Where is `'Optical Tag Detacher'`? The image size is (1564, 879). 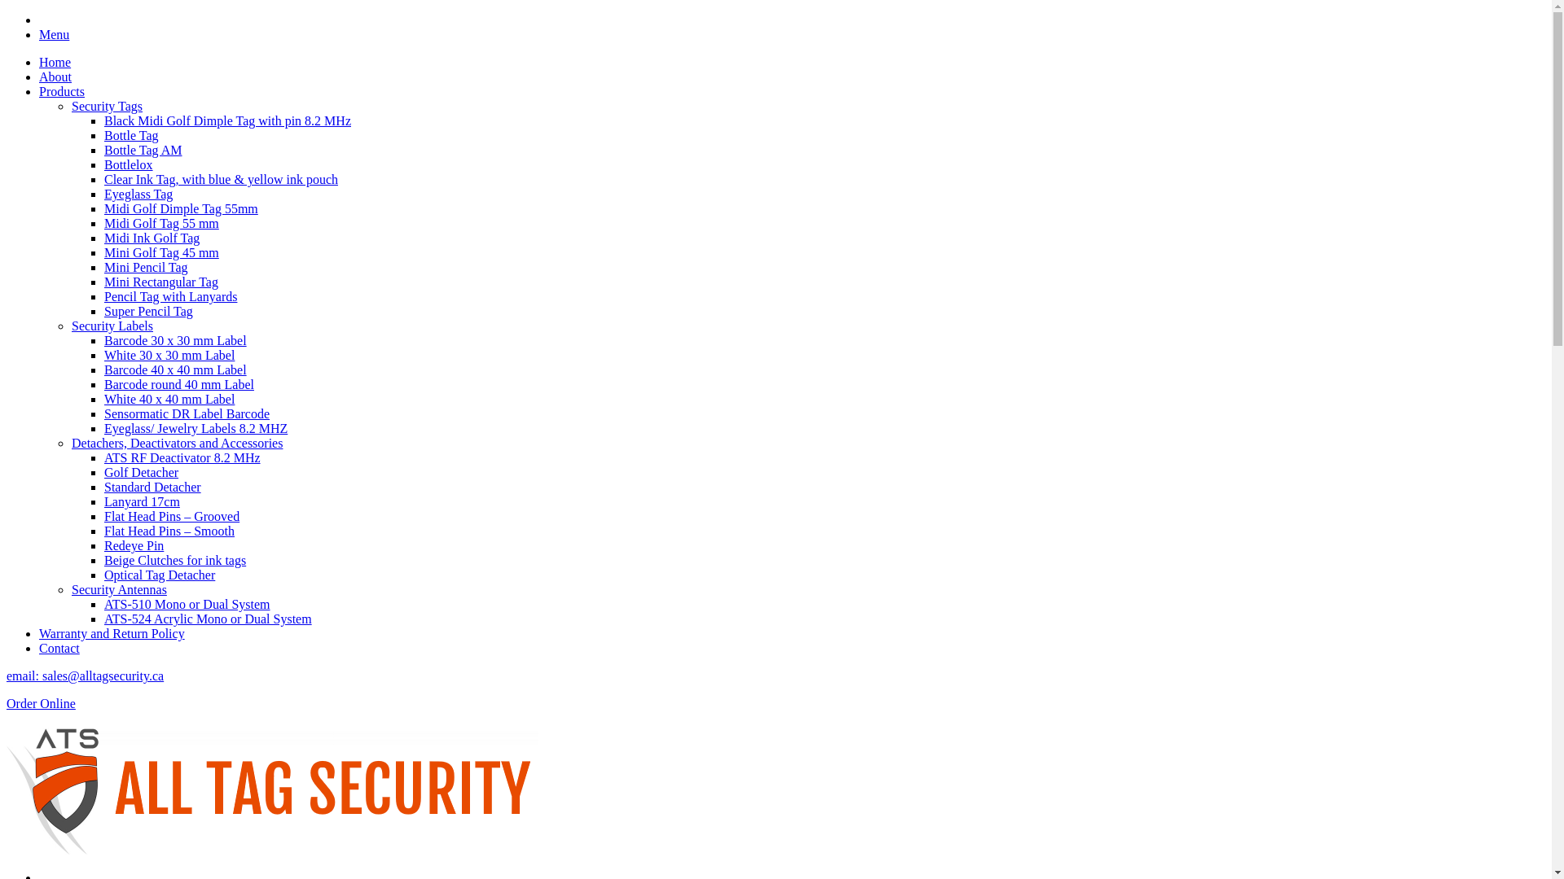 'Optical Tag Detacher' is located at coordinates (160, 574).